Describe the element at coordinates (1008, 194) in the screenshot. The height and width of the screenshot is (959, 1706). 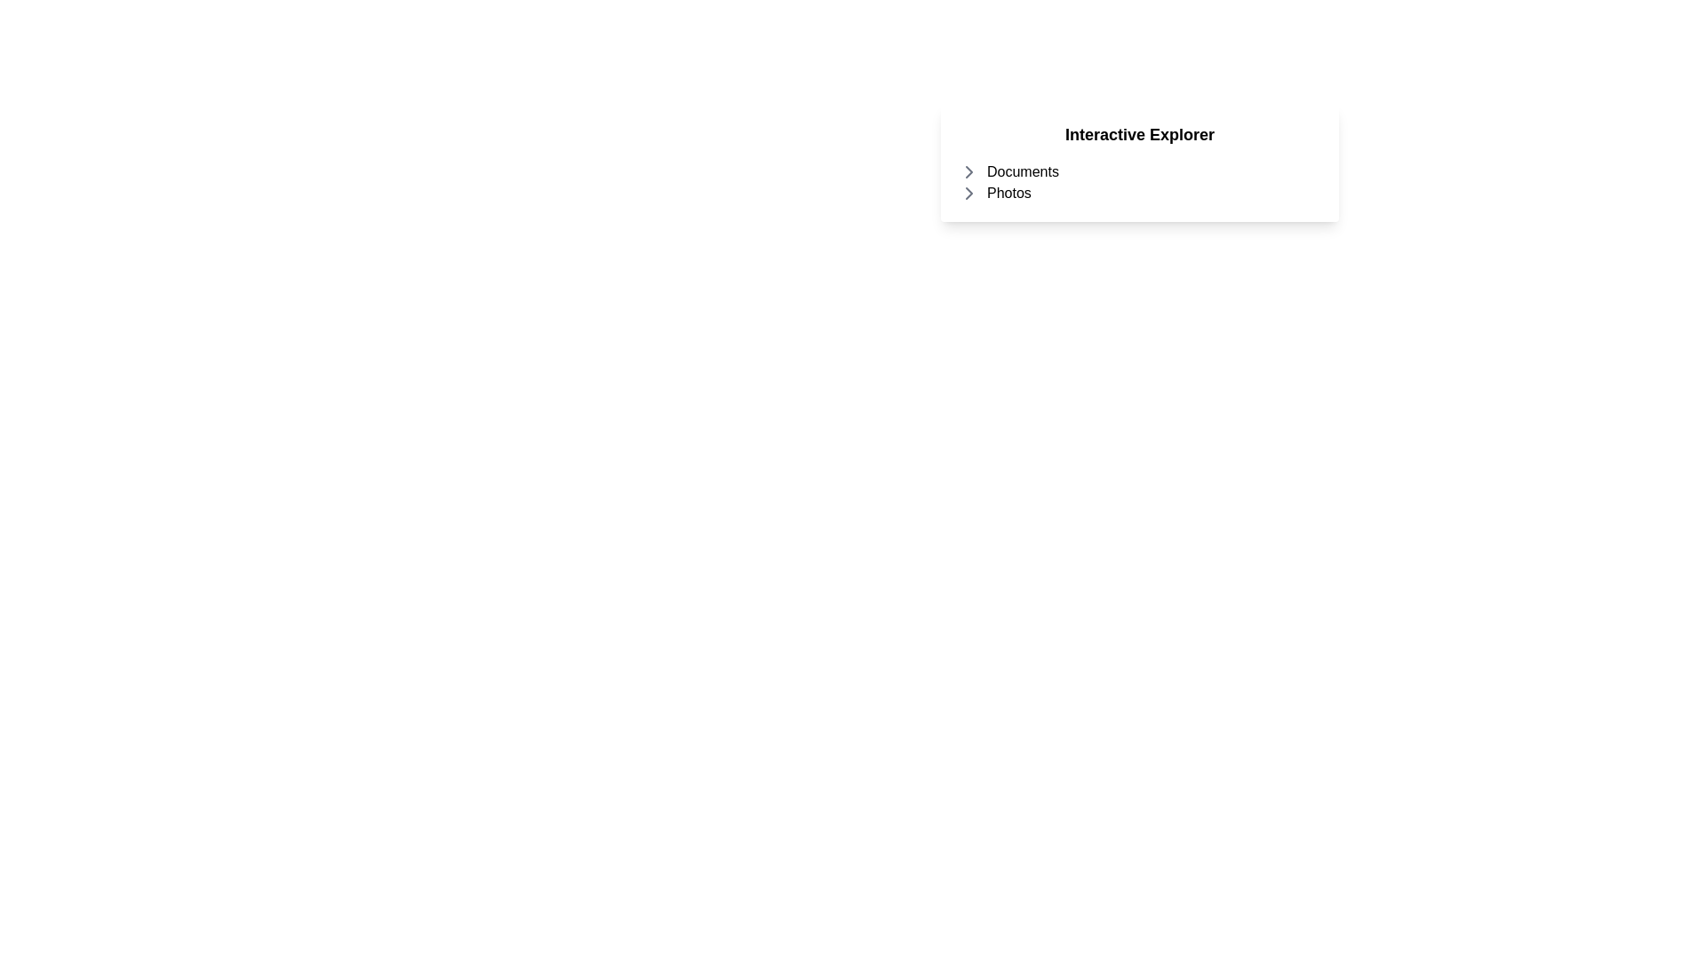
I see `text of the 'Photos' label, which is a bold text label located beneath the 'Documents' label in the Interactive Explorer panel` at that location.